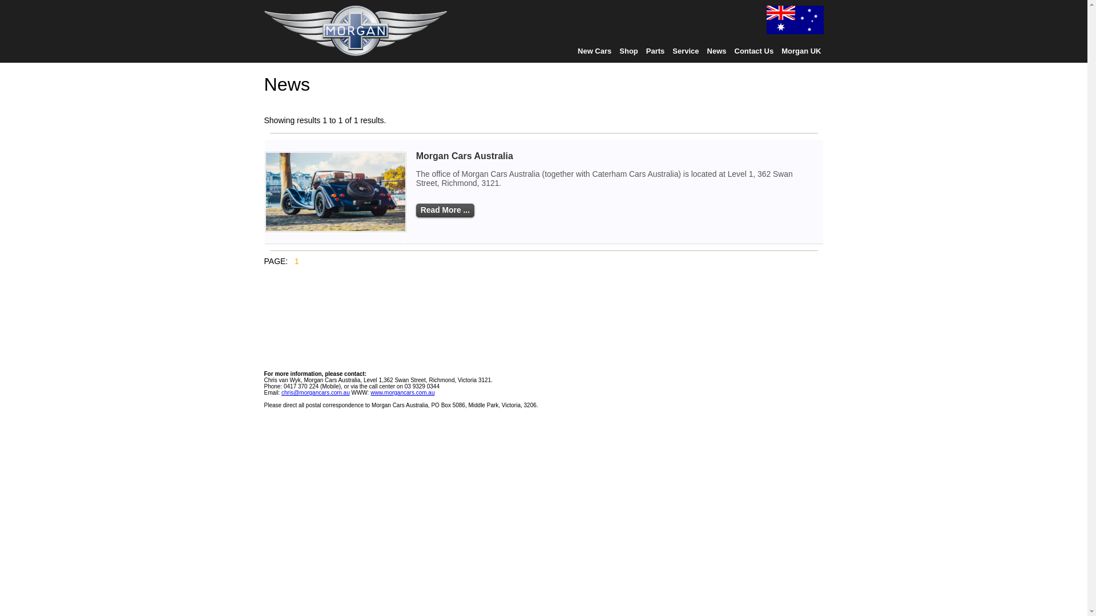 The width and height of the screenshot is (1096, 616). What do you see at coordinates (685, 50) in the screenshot?
I see `'Service'` at bounding box center [685, 50].